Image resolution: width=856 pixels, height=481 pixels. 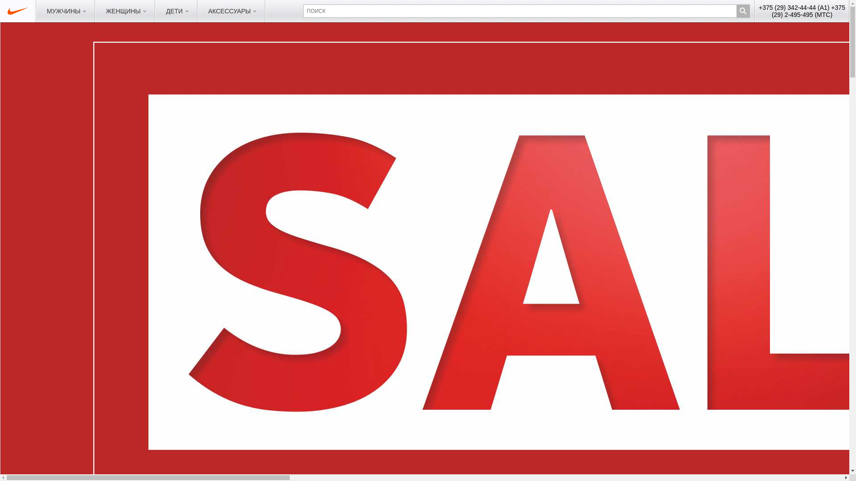 What do you see at coordinates (0, 11) in the screenshot?
I see `'sportmix.by'` at bounding box center [0, 11].